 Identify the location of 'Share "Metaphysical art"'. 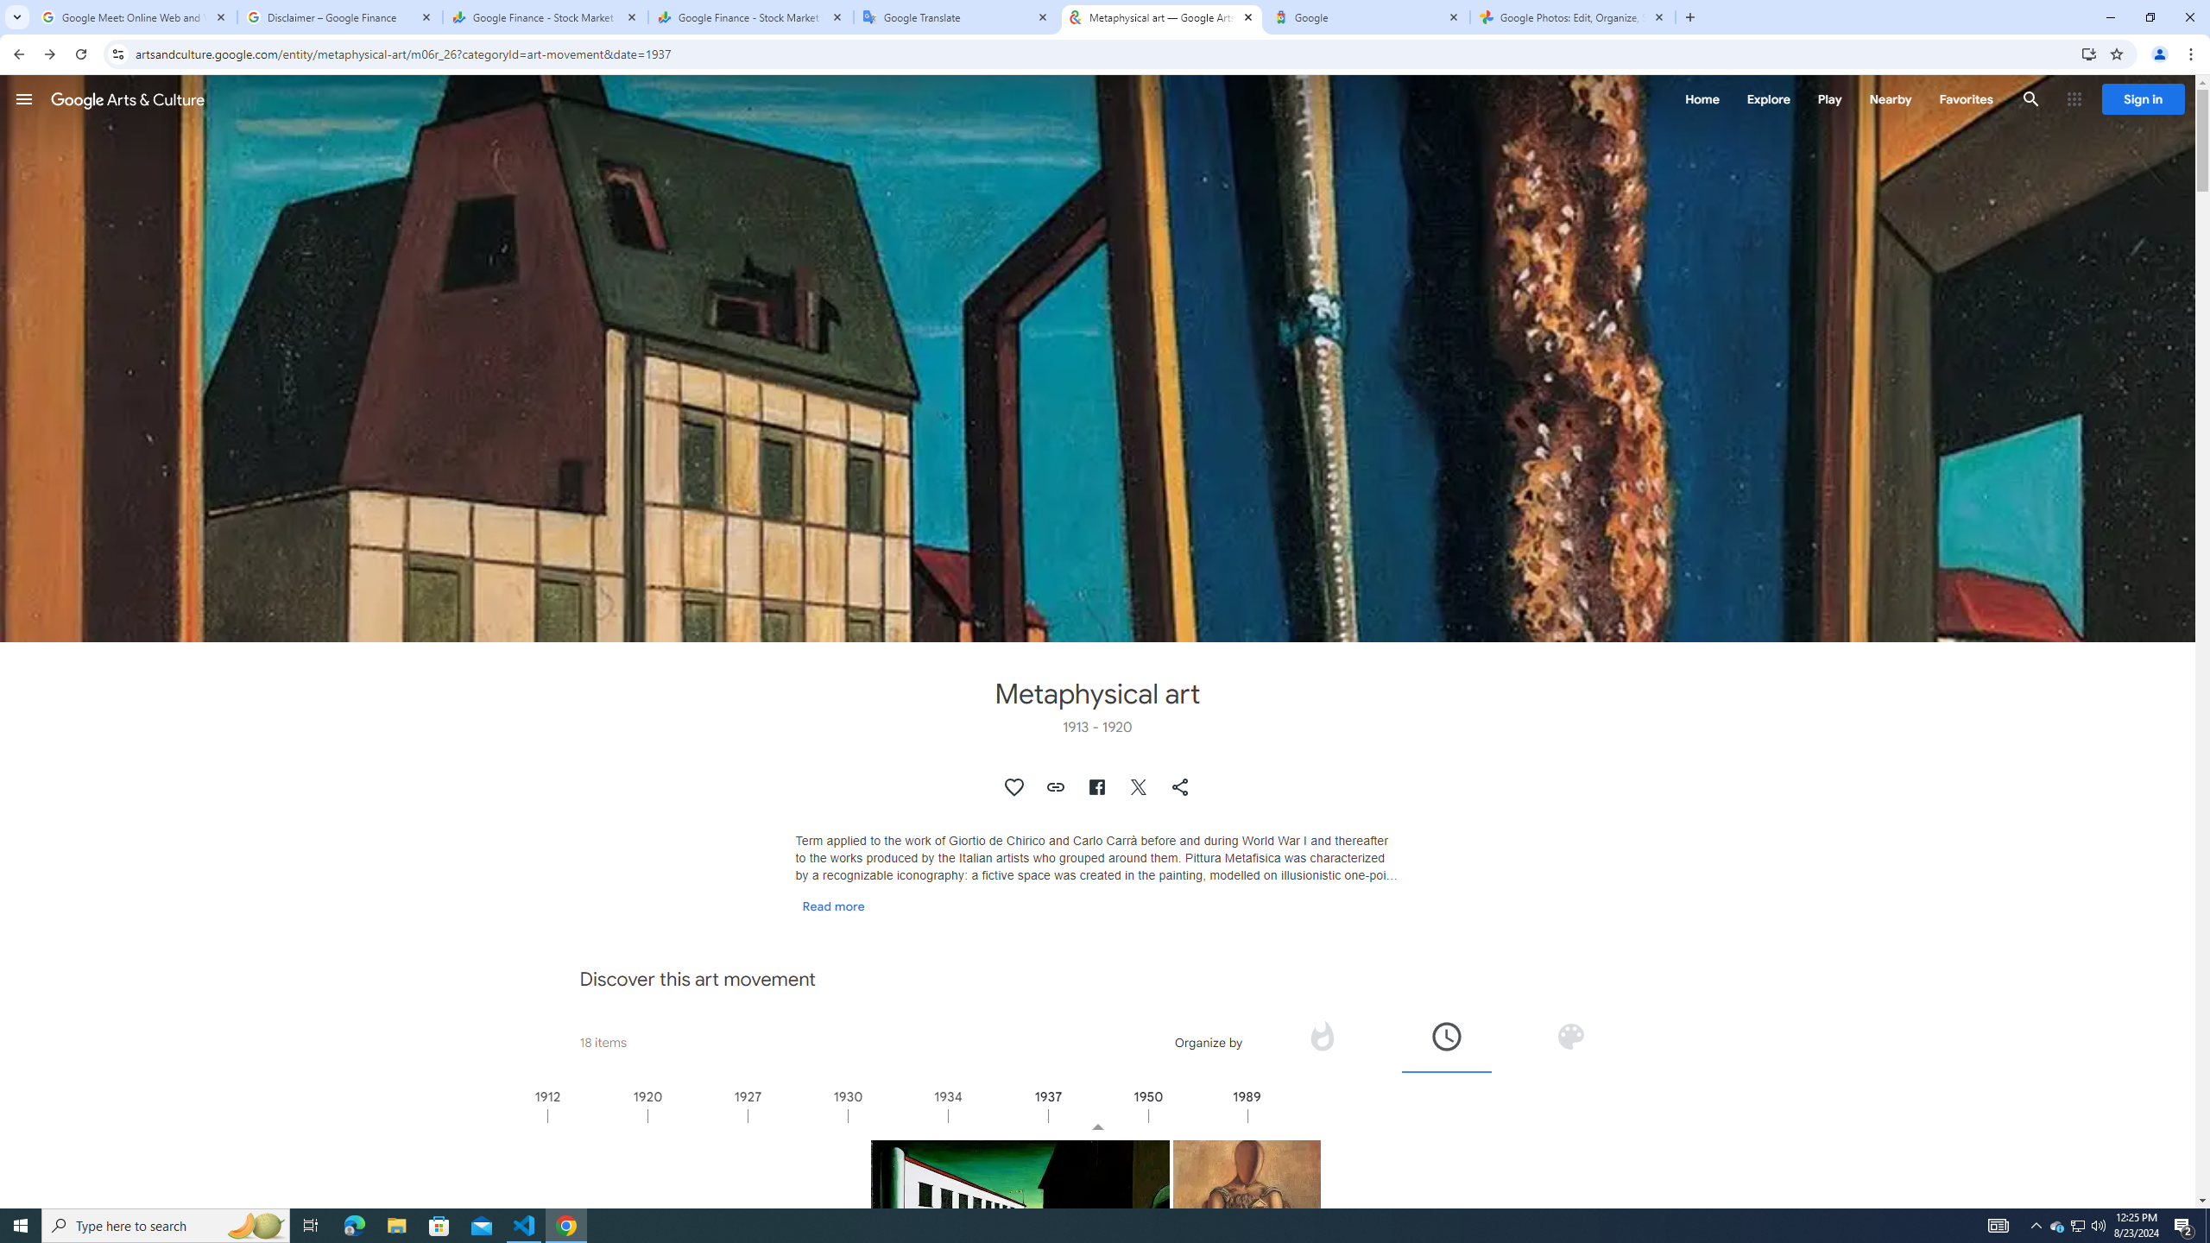
(1180, 786).